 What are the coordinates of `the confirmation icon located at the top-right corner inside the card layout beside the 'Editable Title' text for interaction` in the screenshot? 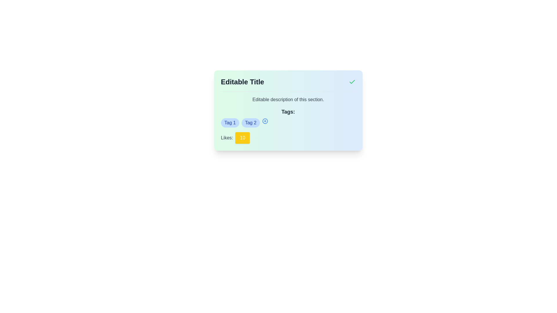 It's located at (352, 82).